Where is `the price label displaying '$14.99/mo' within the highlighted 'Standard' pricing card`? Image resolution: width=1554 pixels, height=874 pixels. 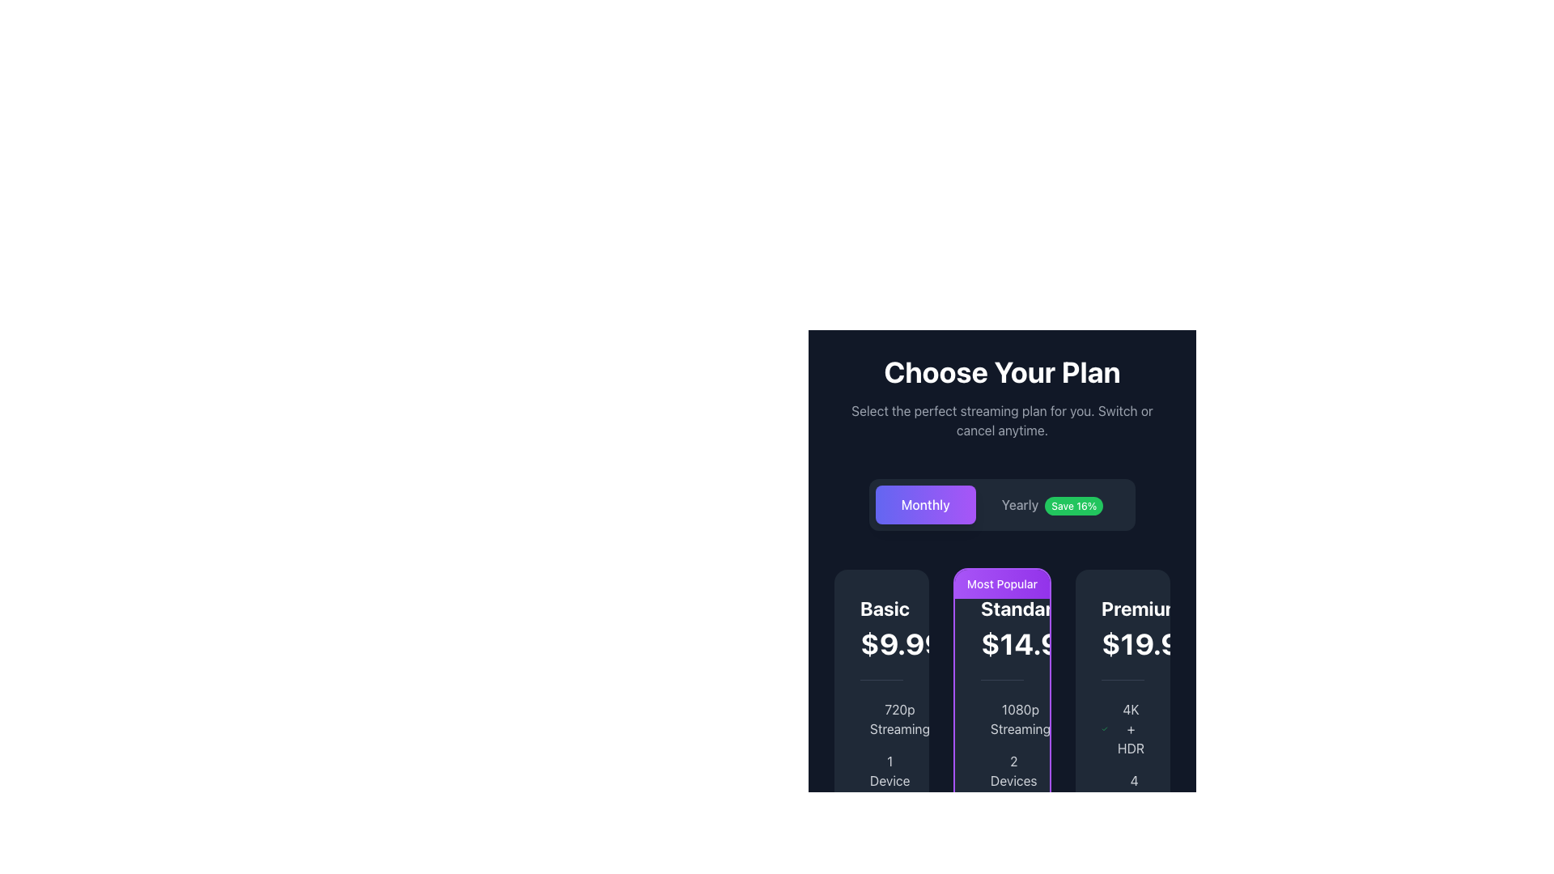
the price label displaying '$14.99/mo' within the highlighted 'Standard' pricing card is located at coordinates (1001, 643).